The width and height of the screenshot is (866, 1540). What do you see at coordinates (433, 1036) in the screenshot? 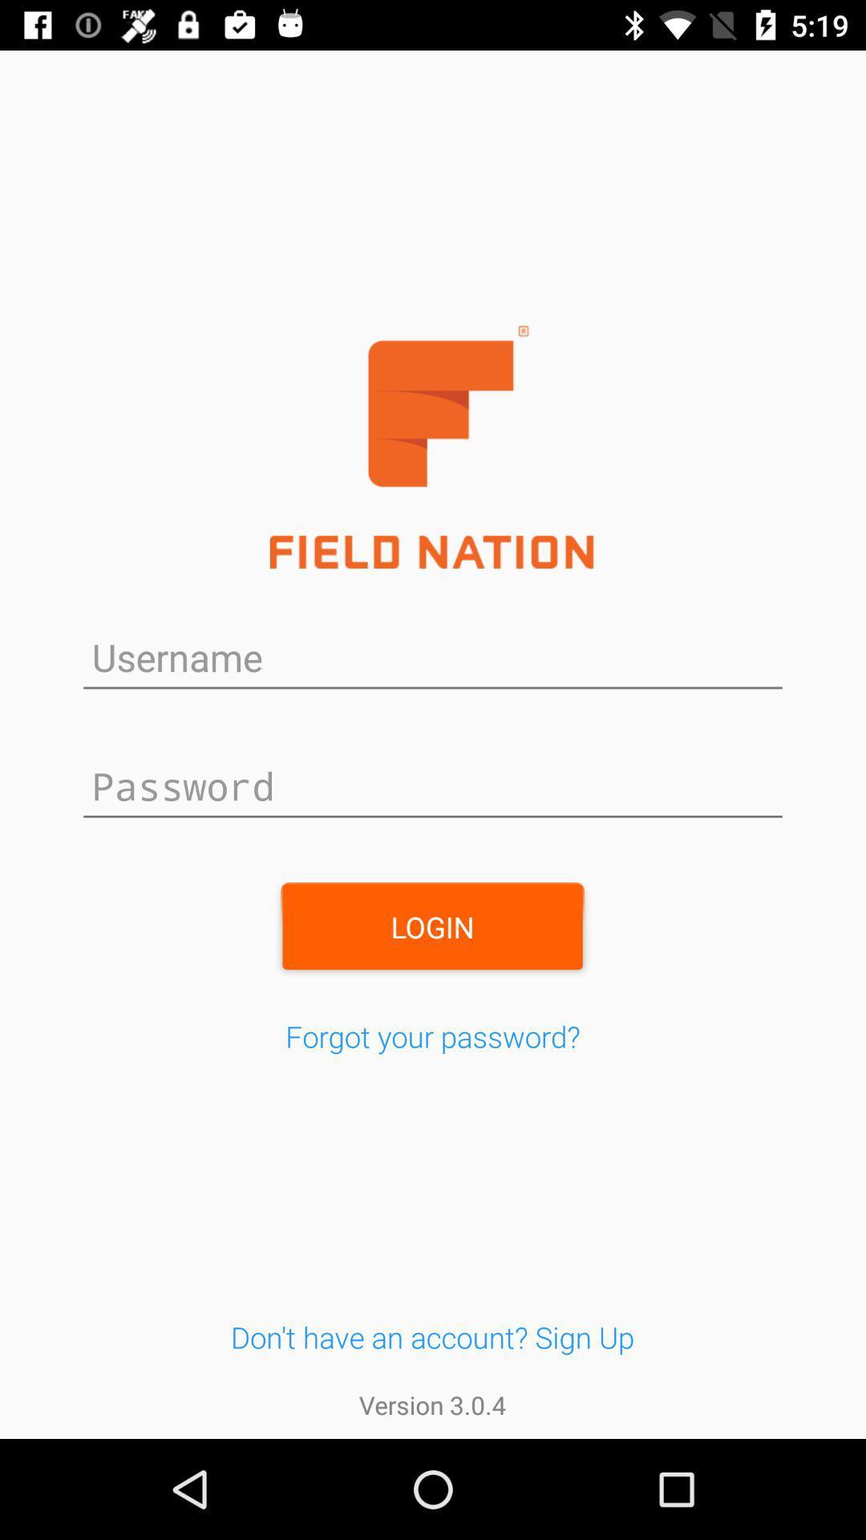
I see `the item below the login item` at bounding box center [433, 1036].